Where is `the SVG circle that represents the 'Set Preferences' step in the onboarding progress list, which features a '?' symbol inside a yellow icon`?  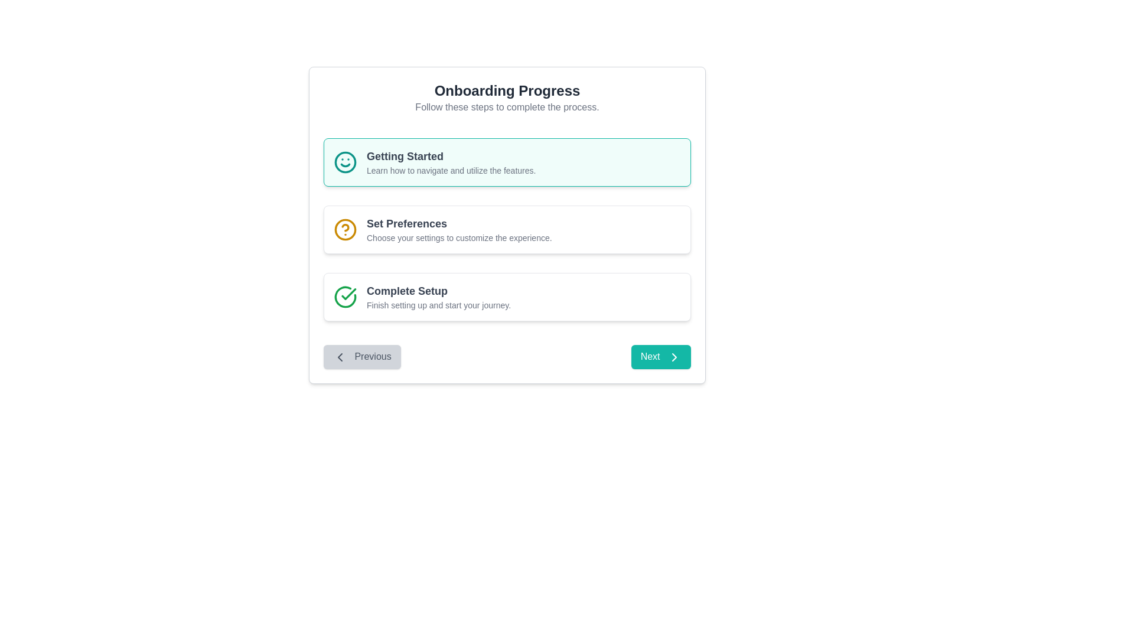 the SVG circle that represents the 'Set Preferences' step in the onboarding progress list, which features a '?' symbol inside a yellow icon is located at coordinates (345, 230).